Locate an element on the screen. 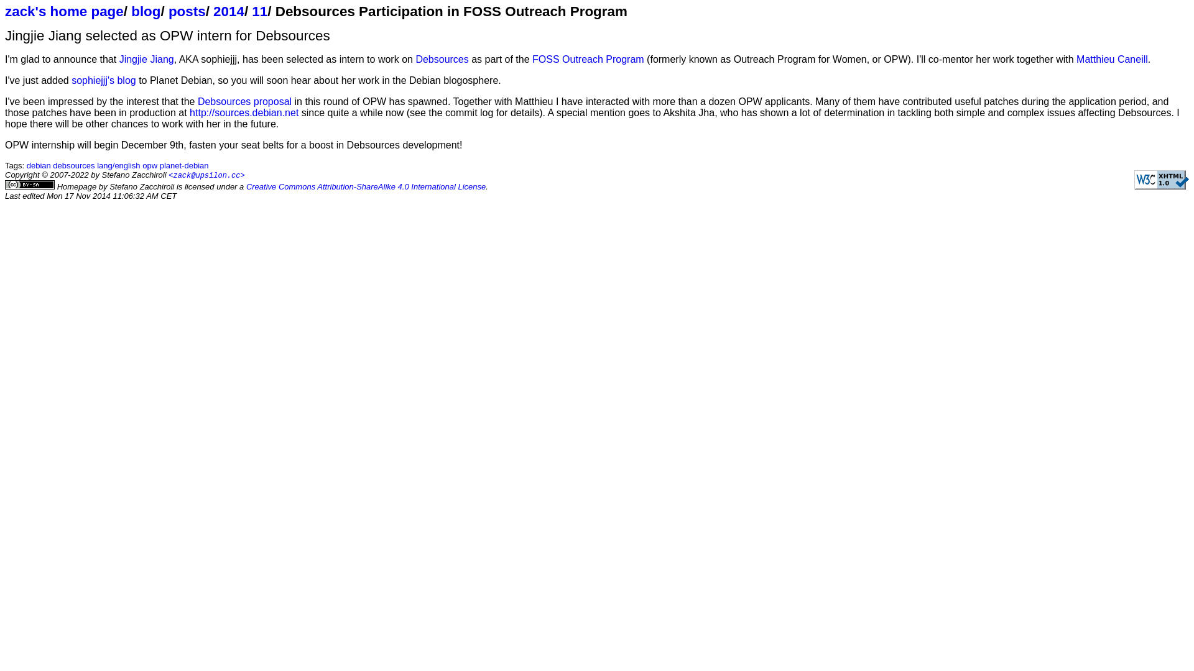 The image size is (1194, 671). 'posts' is located at coordinates (167, 11).